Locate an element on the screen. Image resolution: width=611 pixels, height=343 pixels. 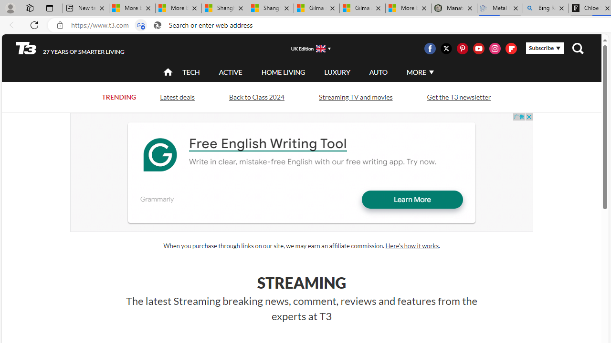
'Visit us on Flipboard' is located at coordinates (510, 48).